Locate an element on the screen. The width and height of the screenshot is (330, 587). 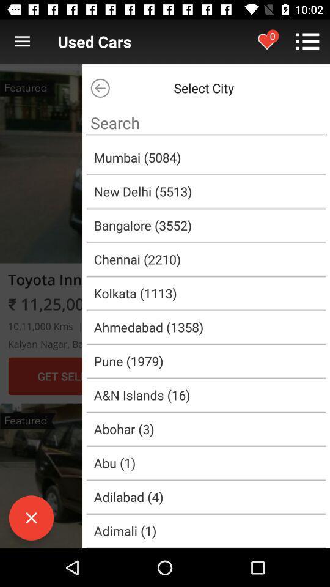
the arrow_backward icon is located at coordinates (100, 86).